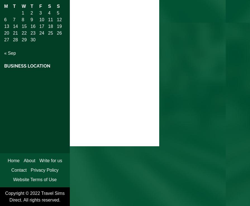 This screenshot has width=250, height=206. I want to click on '20', so click(6, 33).